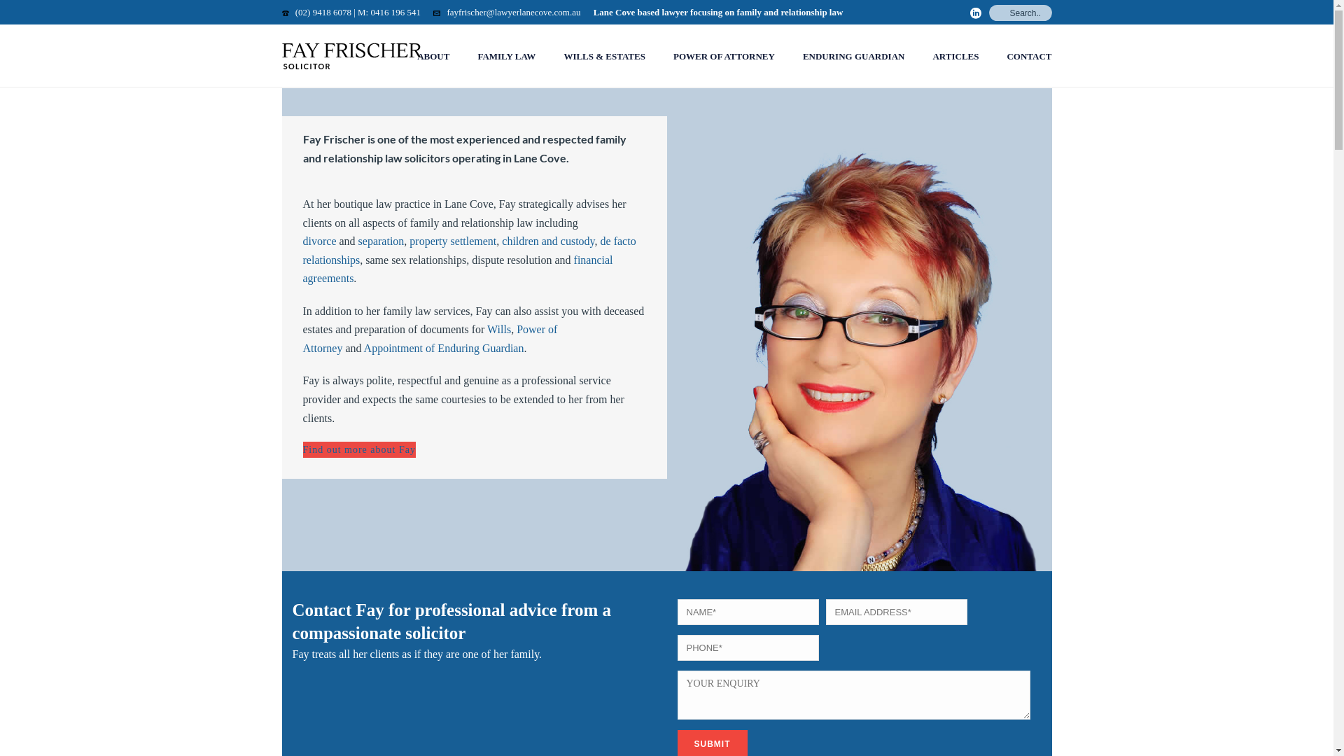 The height and width of the screenshot is (756, 1344). What do you see at coordinates (1028, 56) in the screenshot?
I see `'CONTACT'` at bounding box center [1028, 56].